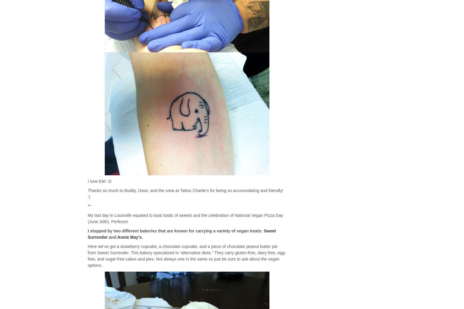  What do you see at coordinates (112, 237) in the screenshot?
I see `'and'` at bounding box center [112, 237].